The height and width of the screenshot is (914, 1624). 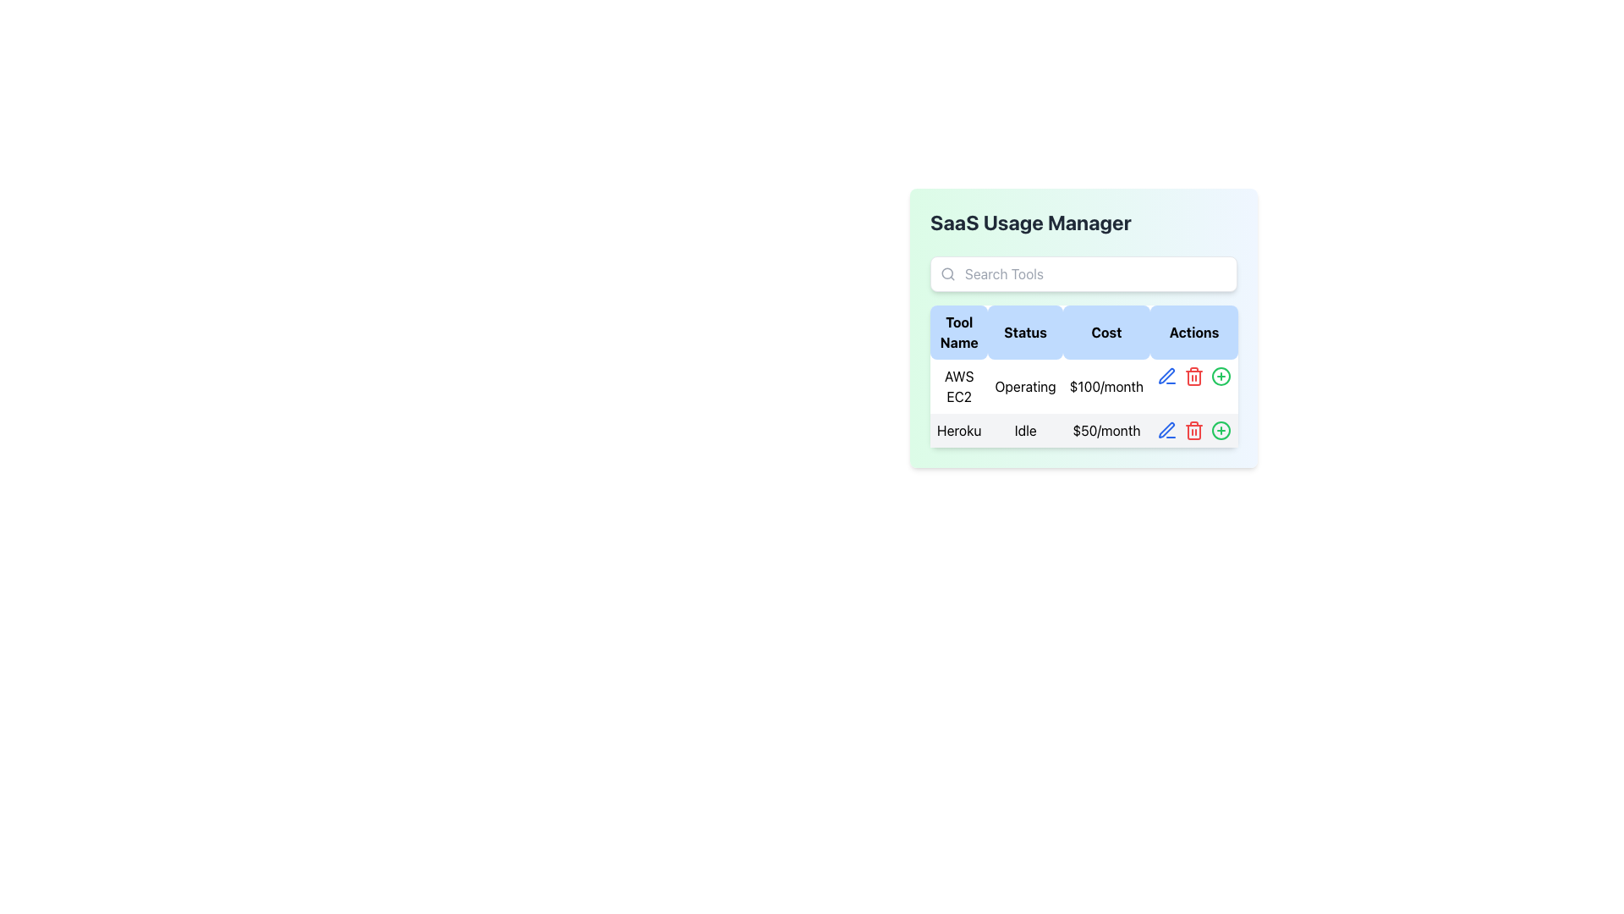 What do you see at coordinates (1024, 430) in the screenshot?
I see `the 'Heroku' service status Text Label located in the 'Status' column of the table, which is the second element in the row labeled 'Heroku'` at bounding box center [1024, 430].